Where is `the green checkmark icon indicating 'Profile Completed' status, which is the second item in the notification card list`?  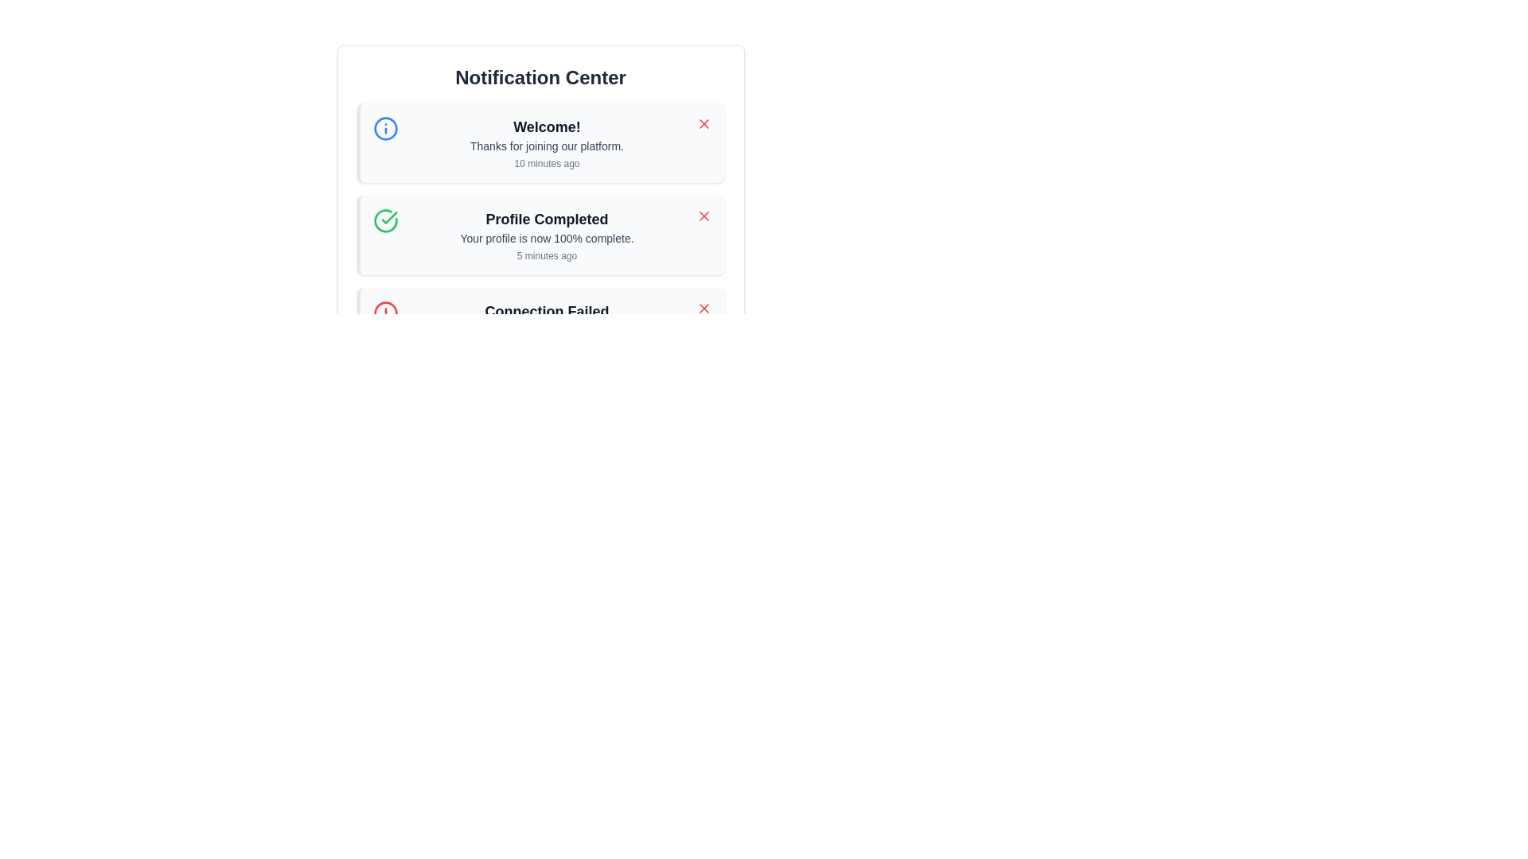
the green checkmark icon indicating 'Profile Completed' status, which is the second item in the notification card list is located at coordinates (389, 217).